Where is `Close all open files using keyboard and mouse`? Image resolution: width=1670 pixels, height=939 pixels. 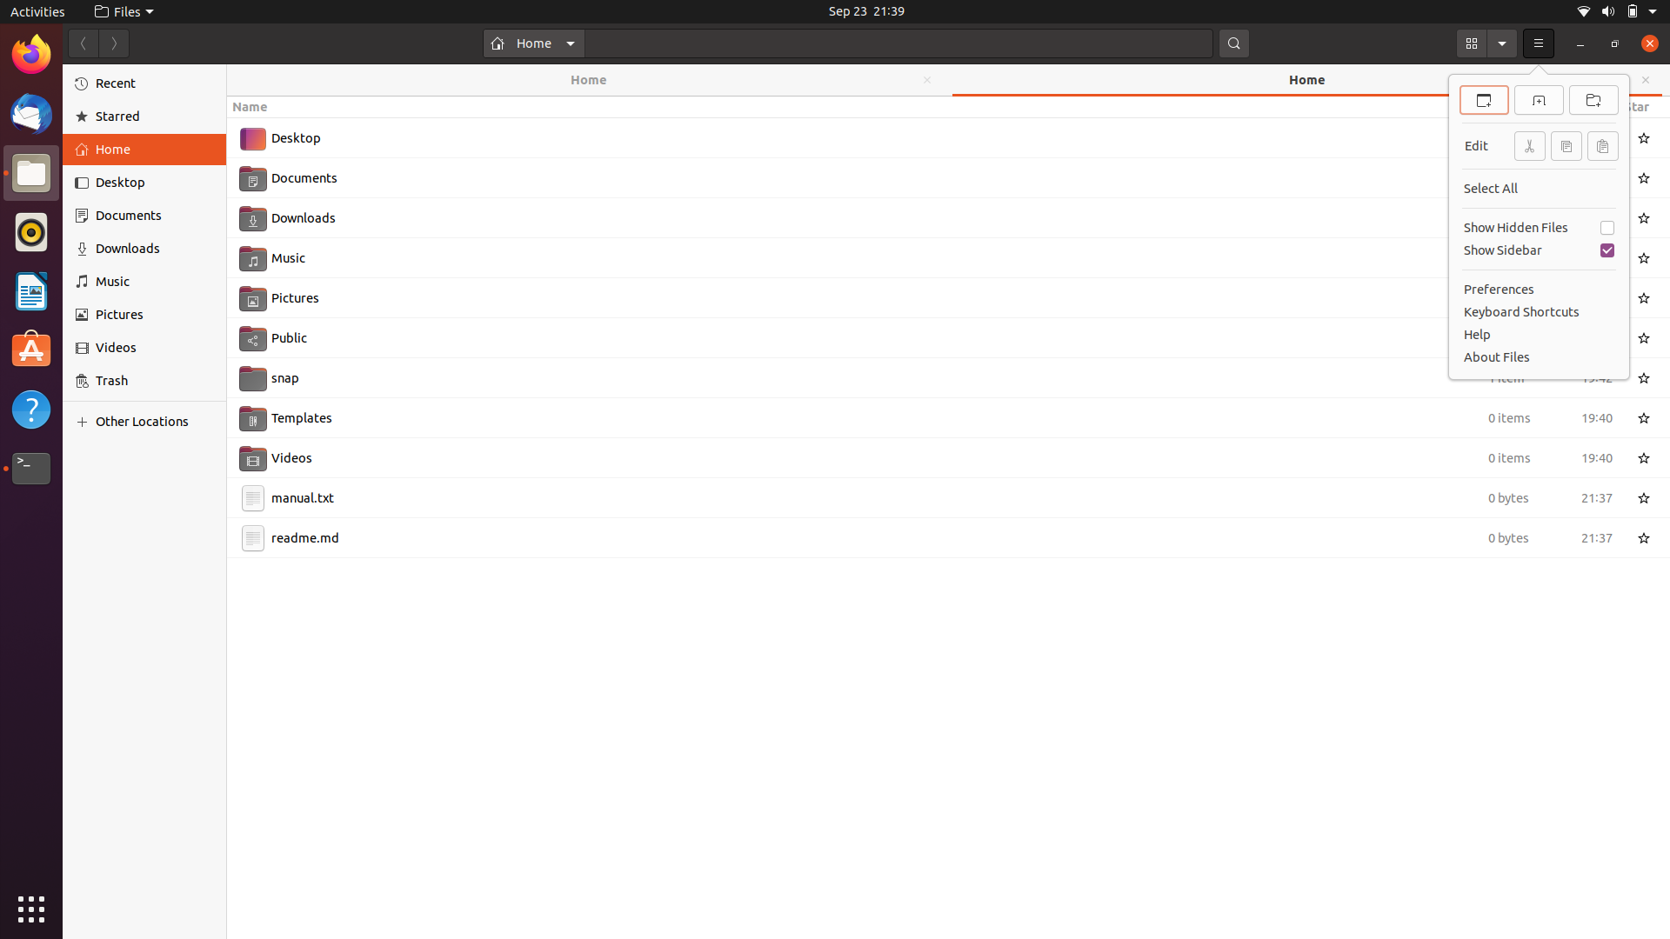 Close all open files using keyboard and mouse is located at coordinates (30, 173).